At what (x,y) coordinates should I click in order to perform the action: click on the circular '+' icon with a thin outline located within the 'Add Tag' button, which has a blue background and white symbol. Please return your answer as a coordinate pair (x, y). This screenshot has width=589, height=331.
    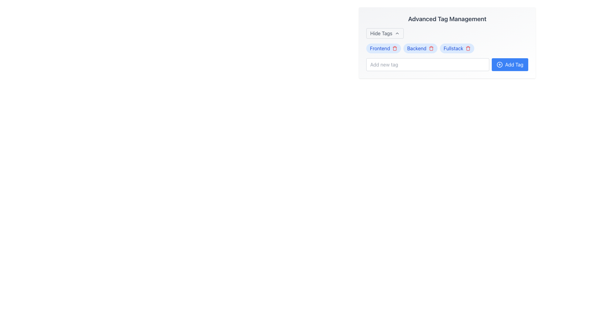
    Looking at the image, I should click on (499, 65).